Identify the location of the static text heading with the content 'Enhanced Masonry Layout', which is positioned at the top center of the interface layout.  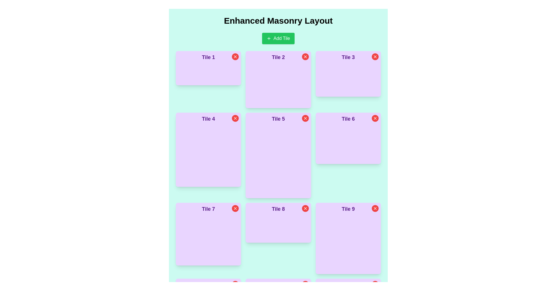
(278, 21).